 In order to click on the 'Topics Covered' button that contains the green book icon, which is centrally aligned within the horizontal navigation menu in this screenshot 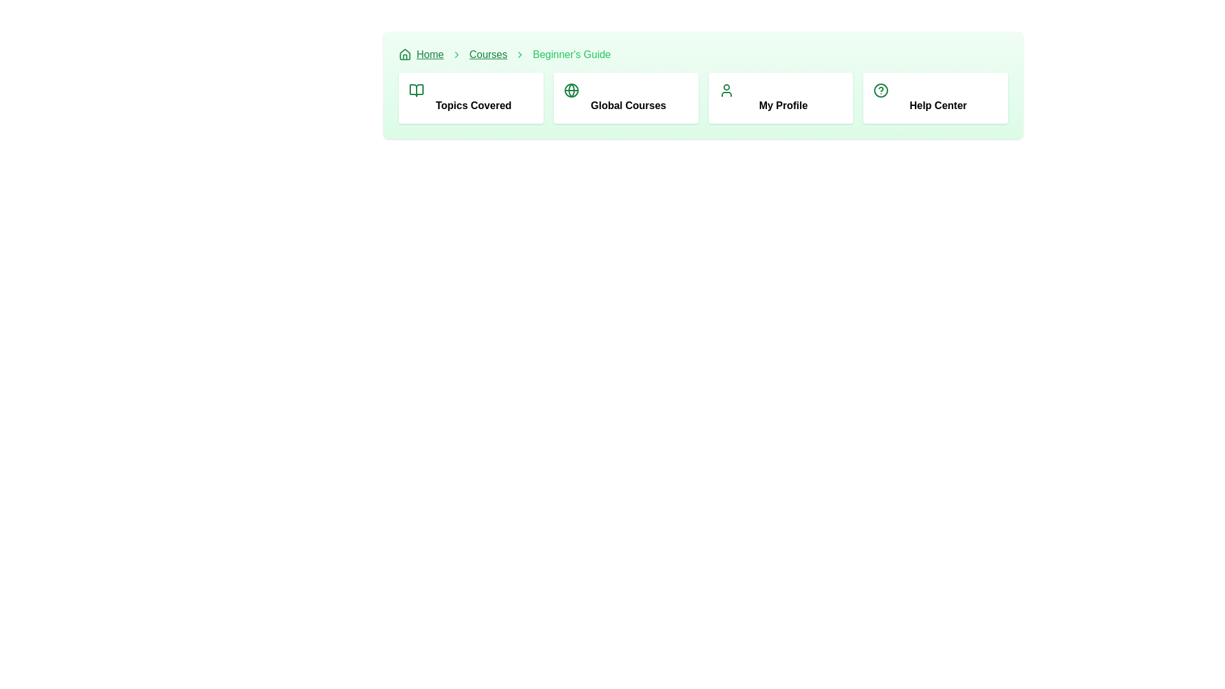, I will do `click(416, 90)`.